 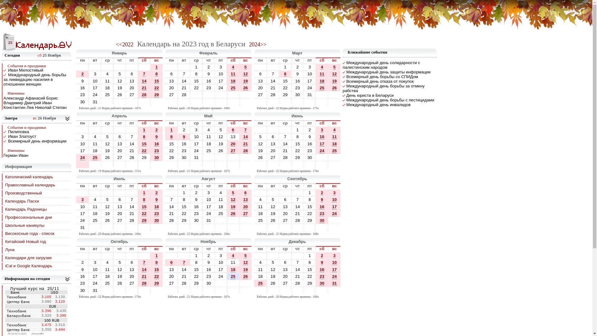 What do you see at coordinates (215, 199) in the screenshot?
I see `'11'` at bounding box center [215, 199].